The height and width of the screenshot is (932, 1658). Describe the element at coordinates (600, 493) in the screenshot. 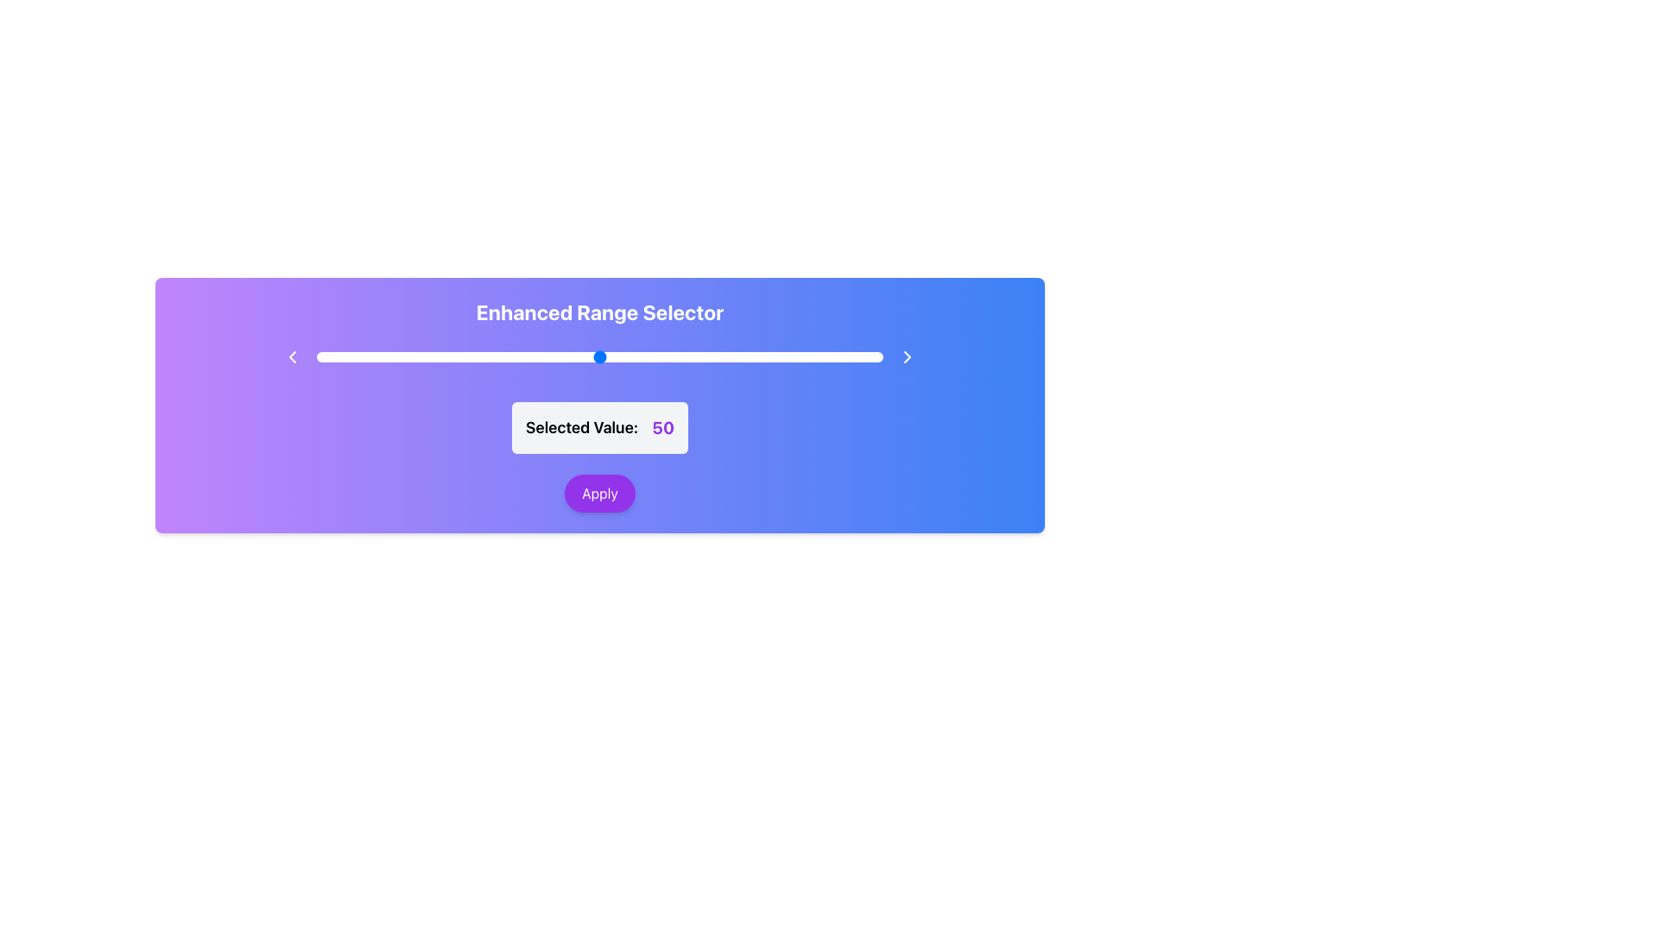

I see `the 'Apply' button with a purple background and white text to observe its hover effects` at that location.